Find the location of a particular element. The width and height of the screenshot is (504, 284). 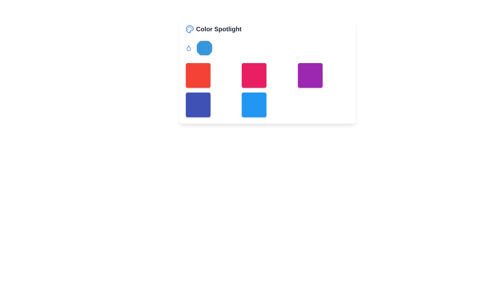

the blue palette-shaped icon with color circles in the 'Color Spotlight' header section, located to the left of the text is located at coordinates (190, 29).